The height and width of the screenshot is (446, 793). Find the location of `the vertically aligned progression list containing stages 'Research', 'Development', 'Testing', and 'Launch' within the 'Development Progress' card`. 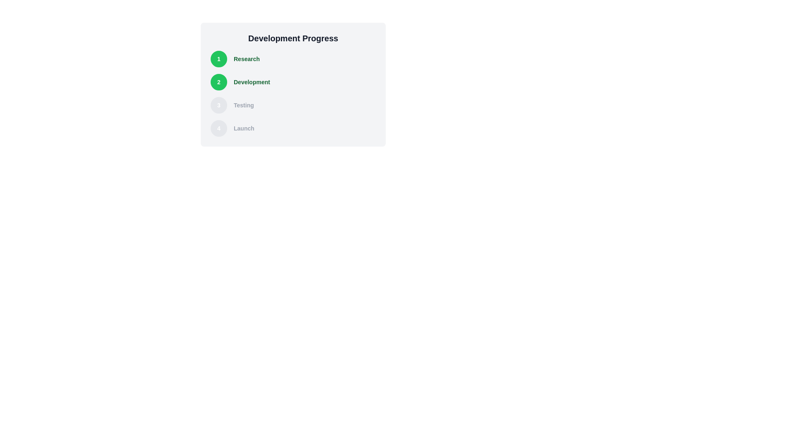

the vertically aligned progression list containing stages 'Research', 'Development', 'Testing', and 'Launch' within the 'Development Progress' card is located at coordinates (293, 93).